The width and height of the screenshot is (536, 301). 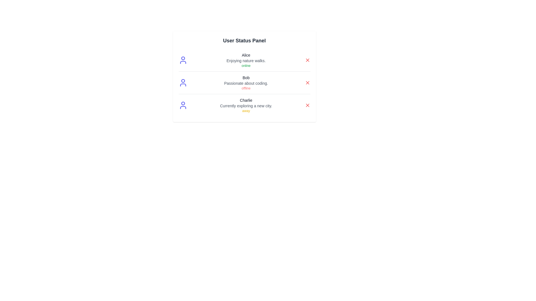 What do you see at coordinates (244, 60) in the screenshot?
I see `the user name 'Alice' or the status message 'Enjoying nature walks.' in the User status row/card to focus on their details` at bounding box center [244, 60].